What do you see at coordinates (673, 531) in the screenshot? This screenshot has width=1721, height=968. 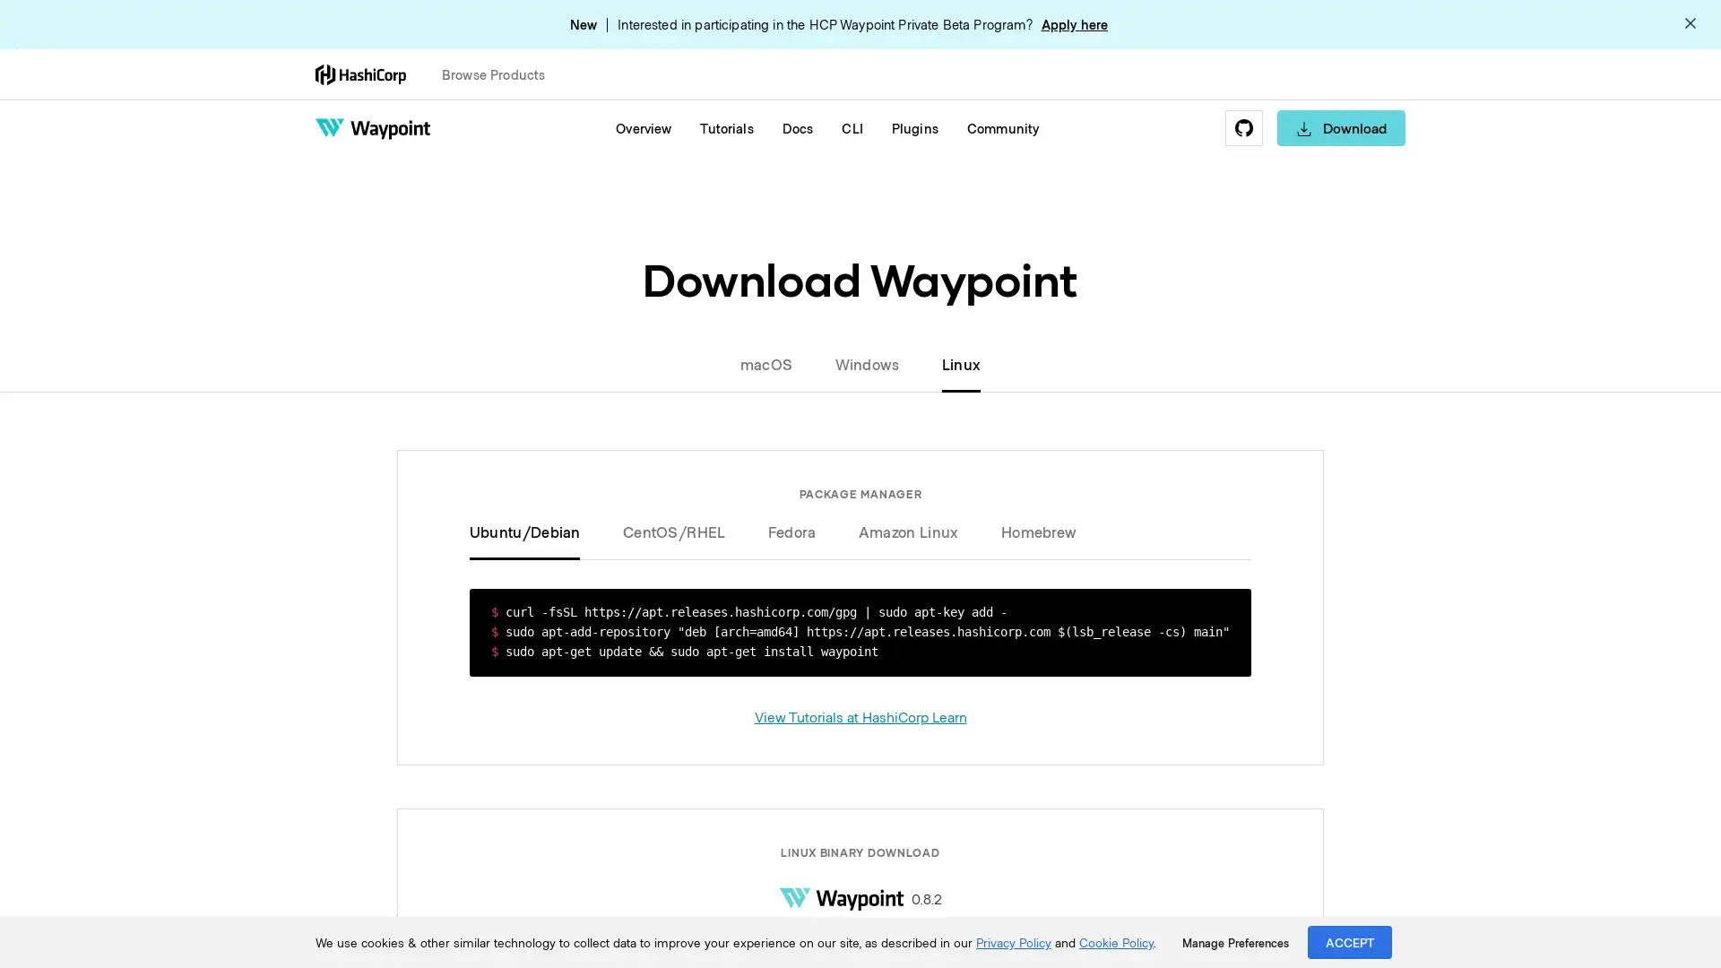 I see `CentOS/RHEL` at bounding box center [673, 531].